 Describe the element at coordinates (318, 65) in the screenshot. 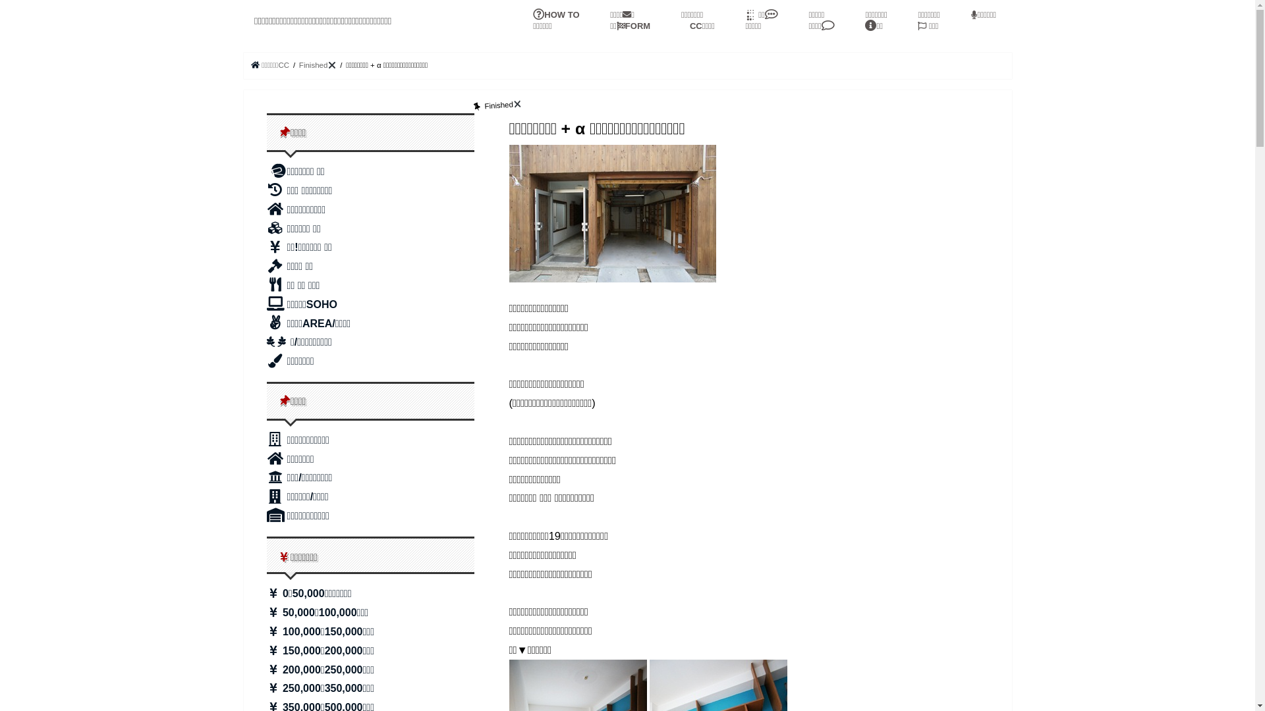

I see `'Finished'` at that location.